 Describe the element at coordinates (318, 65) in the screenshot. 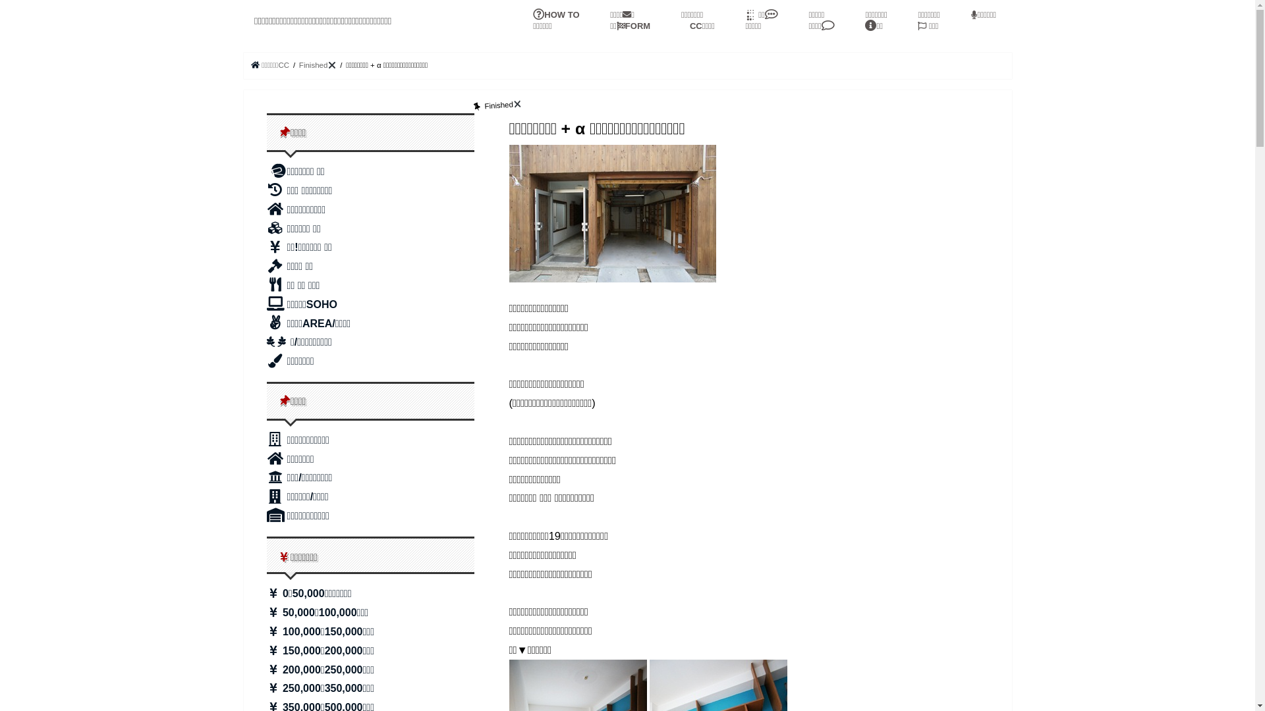

I see `'Finished'` at that location.